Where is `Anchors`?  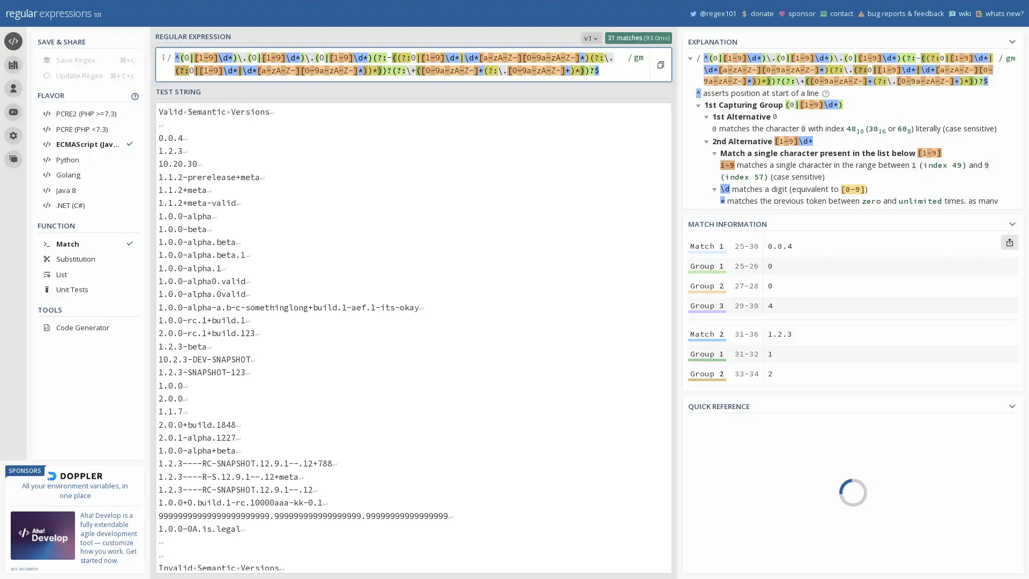
Anchors is located at coordinates (738, 491).